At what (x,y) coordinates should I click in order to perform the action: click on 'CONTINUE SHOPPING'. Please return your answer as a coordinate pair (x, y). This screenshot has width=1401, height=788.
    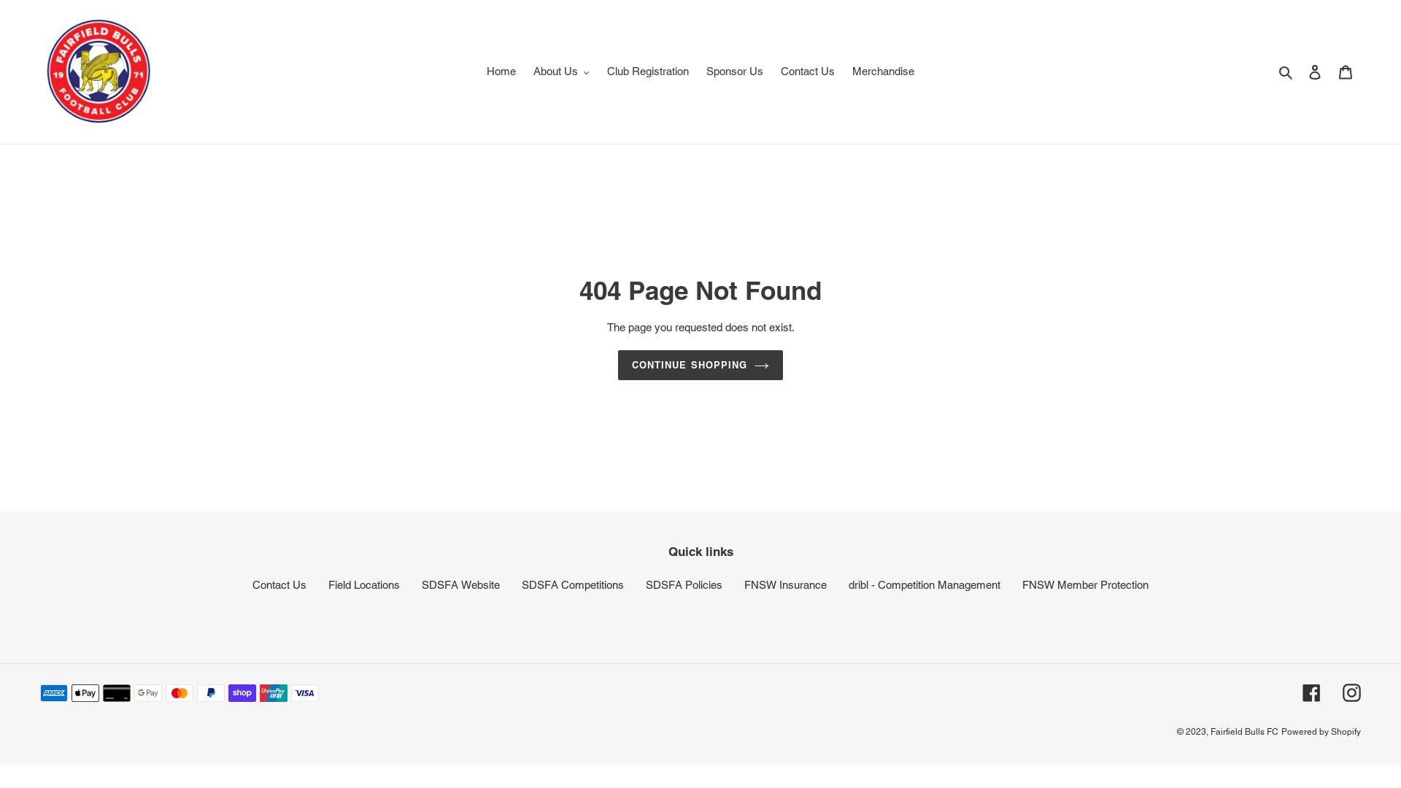
    Looking at the image, I should click on (617, 365).